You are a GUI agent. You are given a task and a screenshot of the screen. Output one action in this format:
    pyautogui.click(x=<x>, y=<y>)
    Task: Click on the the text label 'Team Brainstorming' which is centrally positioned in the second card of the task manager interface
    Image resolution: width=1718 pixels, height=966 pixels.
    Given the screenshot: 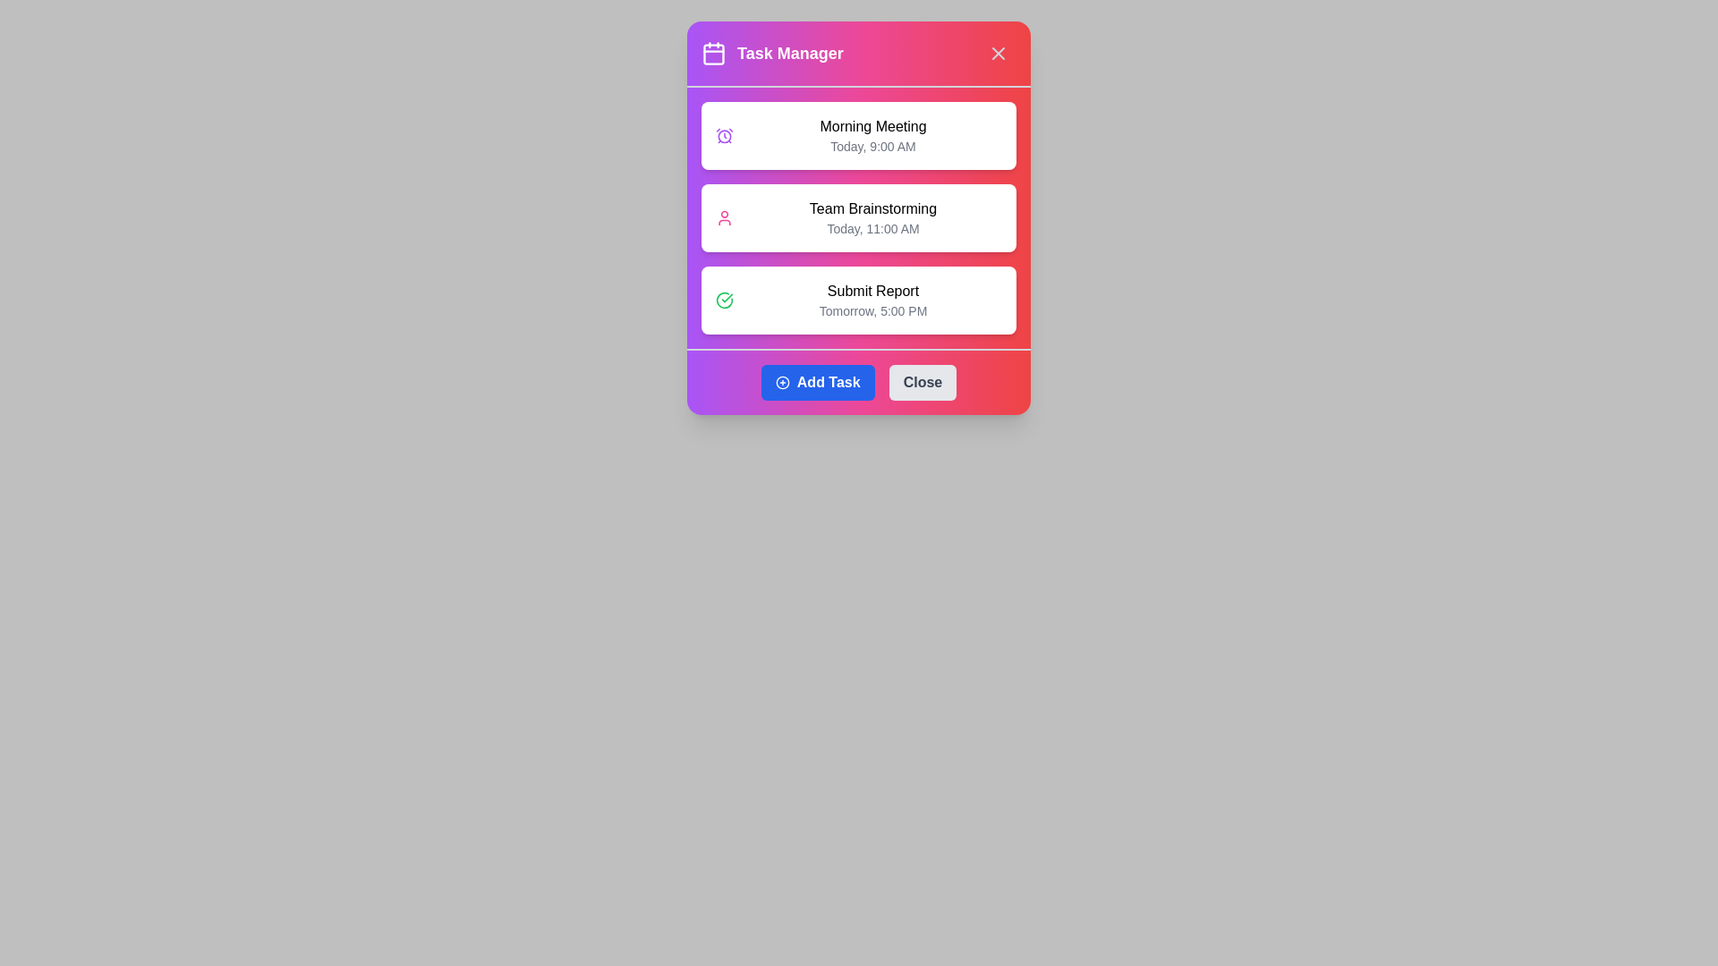 What is the action you would take?
    pyautogui.click(x=872, y=208)
    